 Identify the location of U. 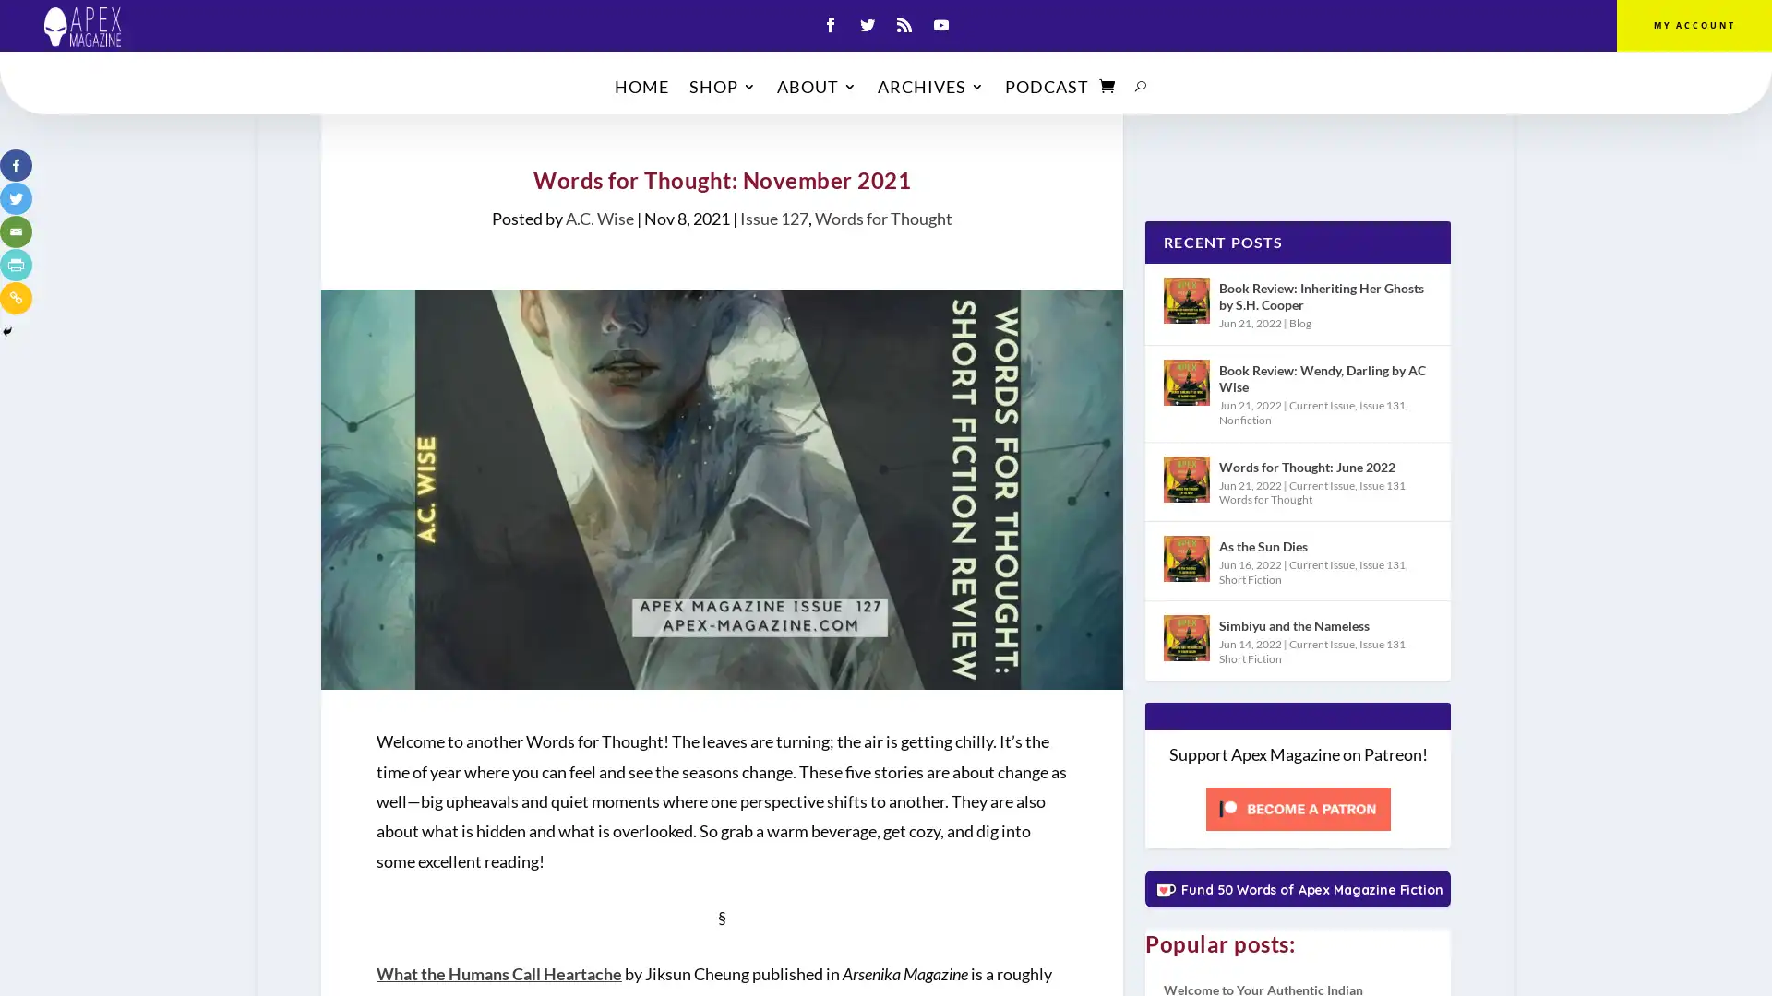
(1140, 89).